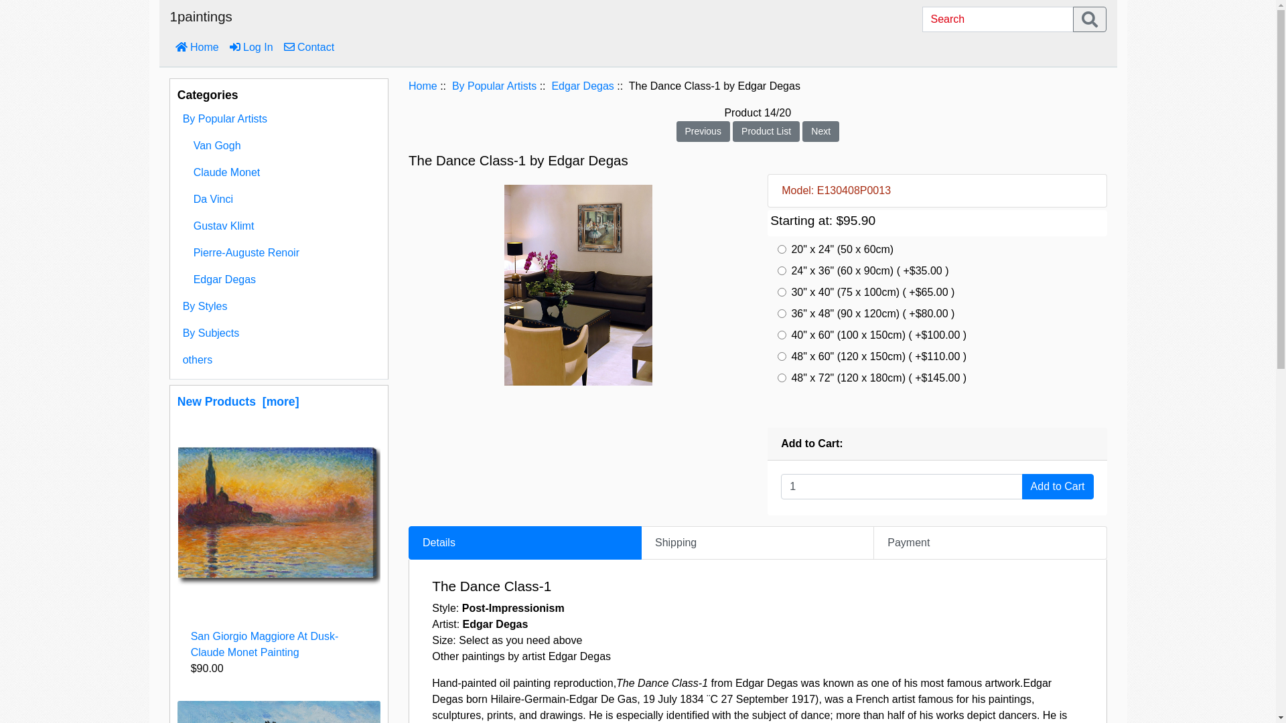 The height and width of the screenshot is (723, 1286). What do you see at coordinates (820, 130) in the screenshot?
I see `' Next '` at bounding box center [820, 130].